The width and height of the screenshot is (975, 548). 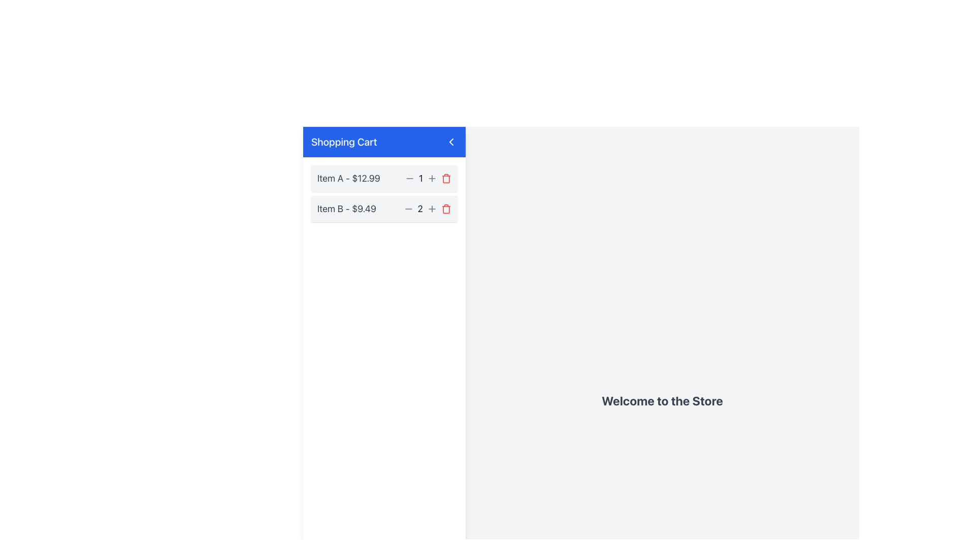 What do you see at coordinates (662, 400) in the screenshot?
I see `the Text Header displaying 'Welcome to the Store', which is centrally positioned in a light gray rectangular section` at bounding box center [662, 400].